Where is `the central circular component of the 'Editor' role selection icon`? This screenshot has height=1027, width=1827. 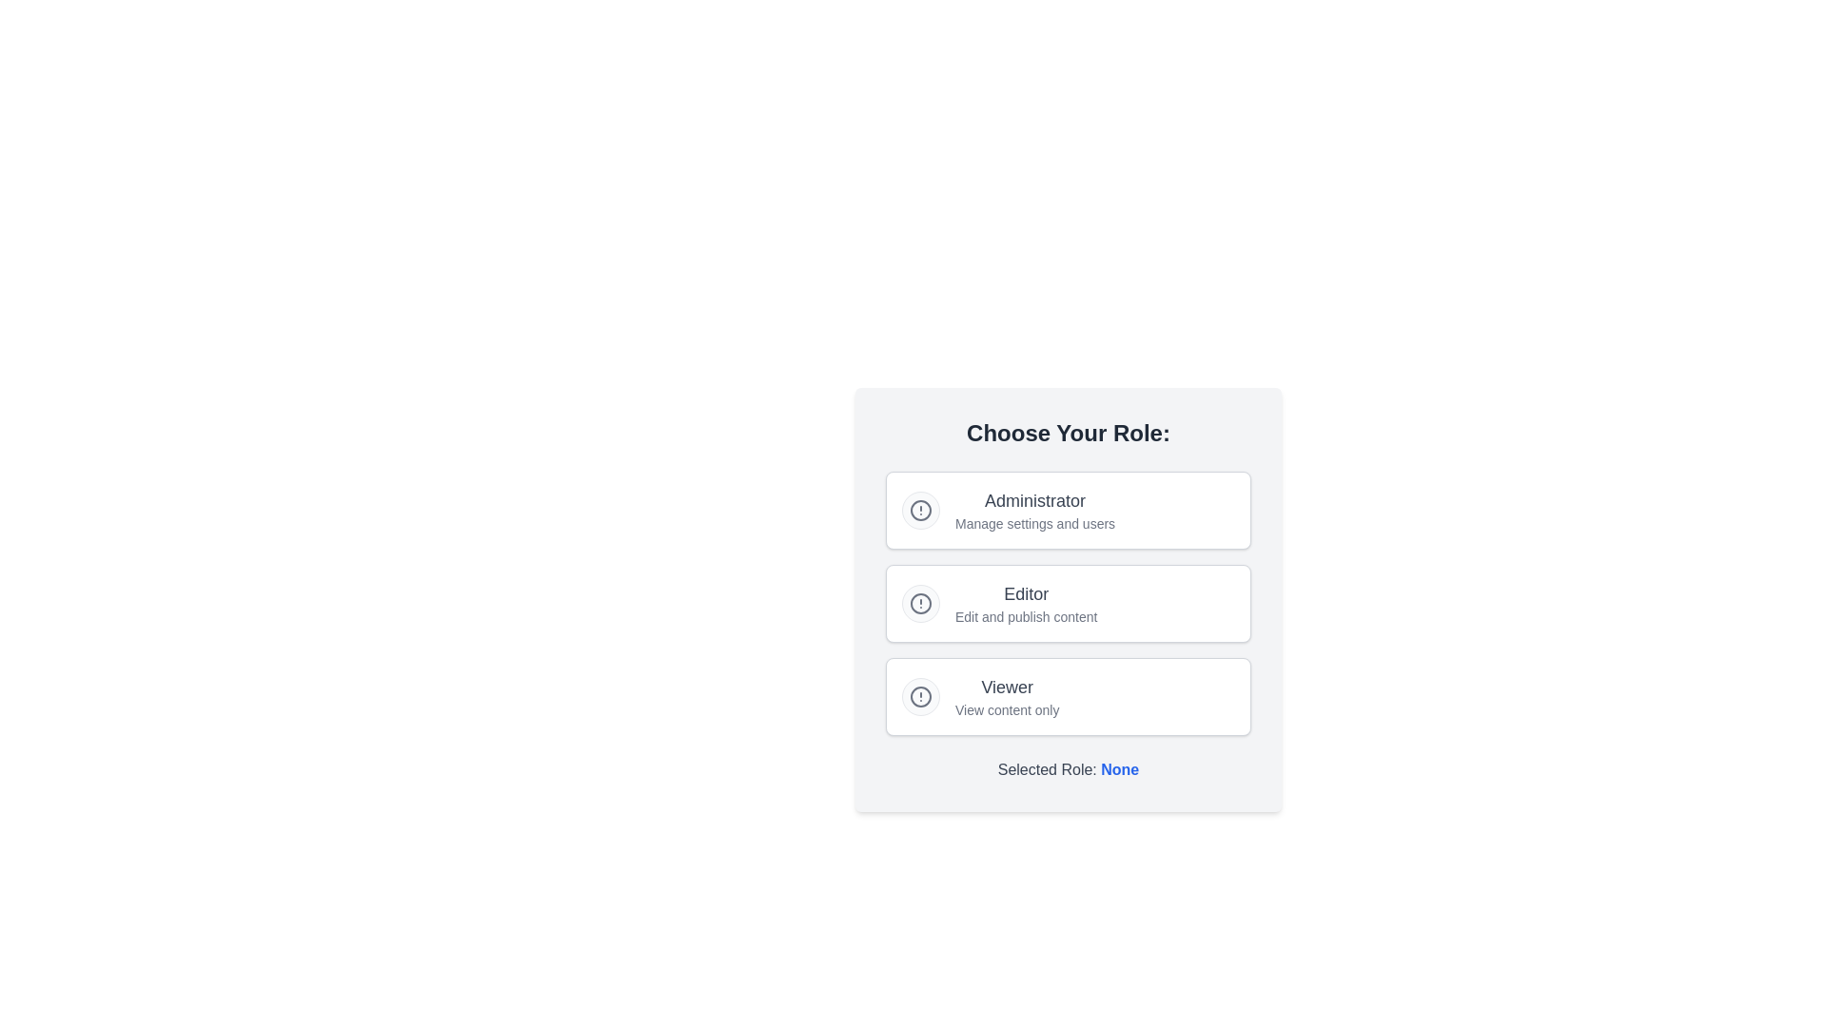
the central circular component of the 'Editor' role selection icon is located at coordinates (921, 604).